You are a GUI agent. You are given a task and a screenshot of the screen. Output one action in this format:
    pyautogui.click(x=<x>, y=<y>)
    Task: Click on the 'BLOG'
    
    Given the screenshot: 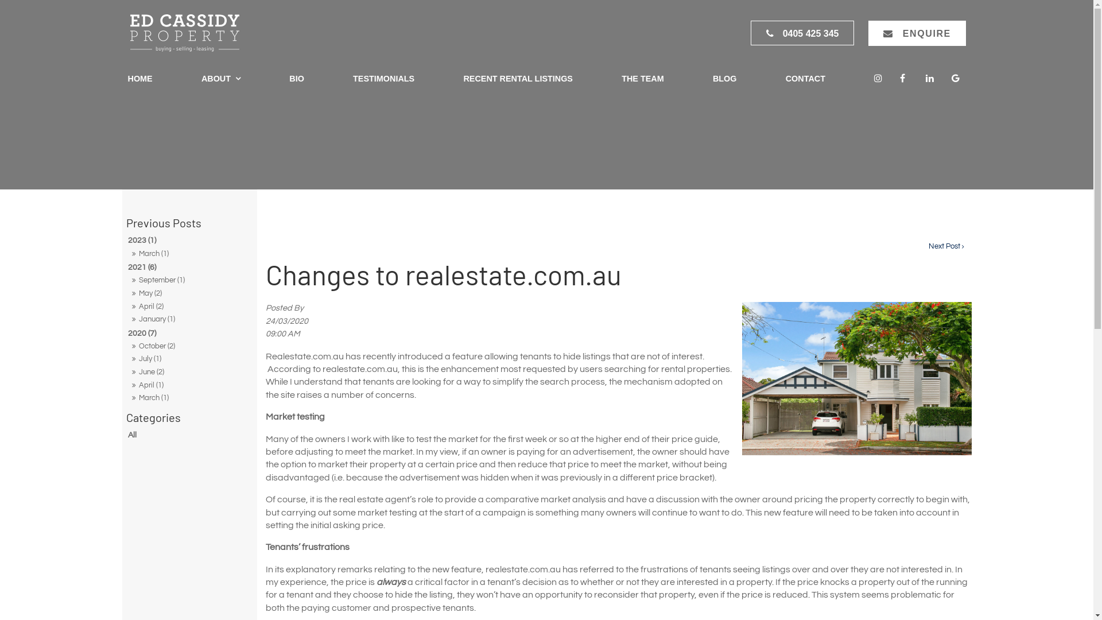 What is the action you would take?
    pyautogui.click(x=707, y=79)
    